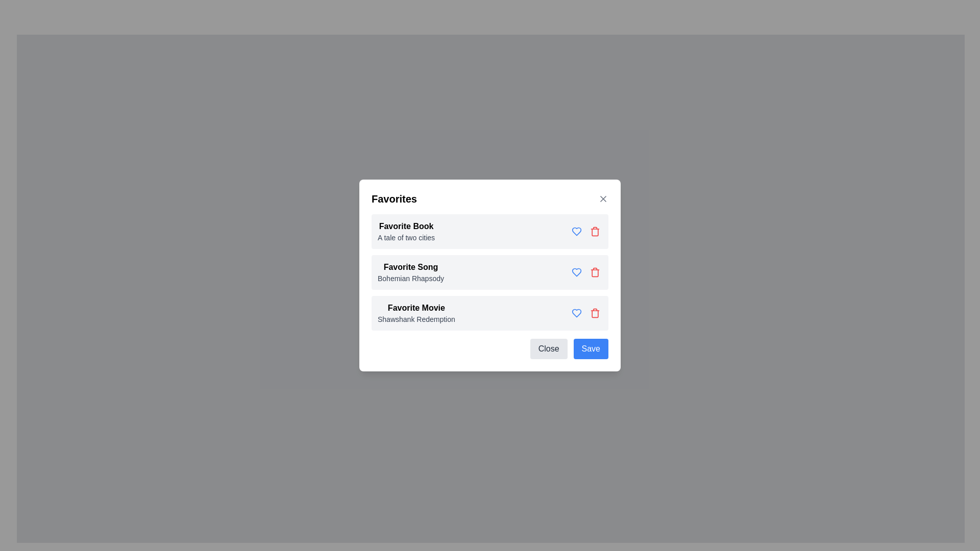  I want to click on the third item in the vertically arranged list of favorites within the modal dialog, which is a Text label representing a user's favorite movie, so click(416, 312).